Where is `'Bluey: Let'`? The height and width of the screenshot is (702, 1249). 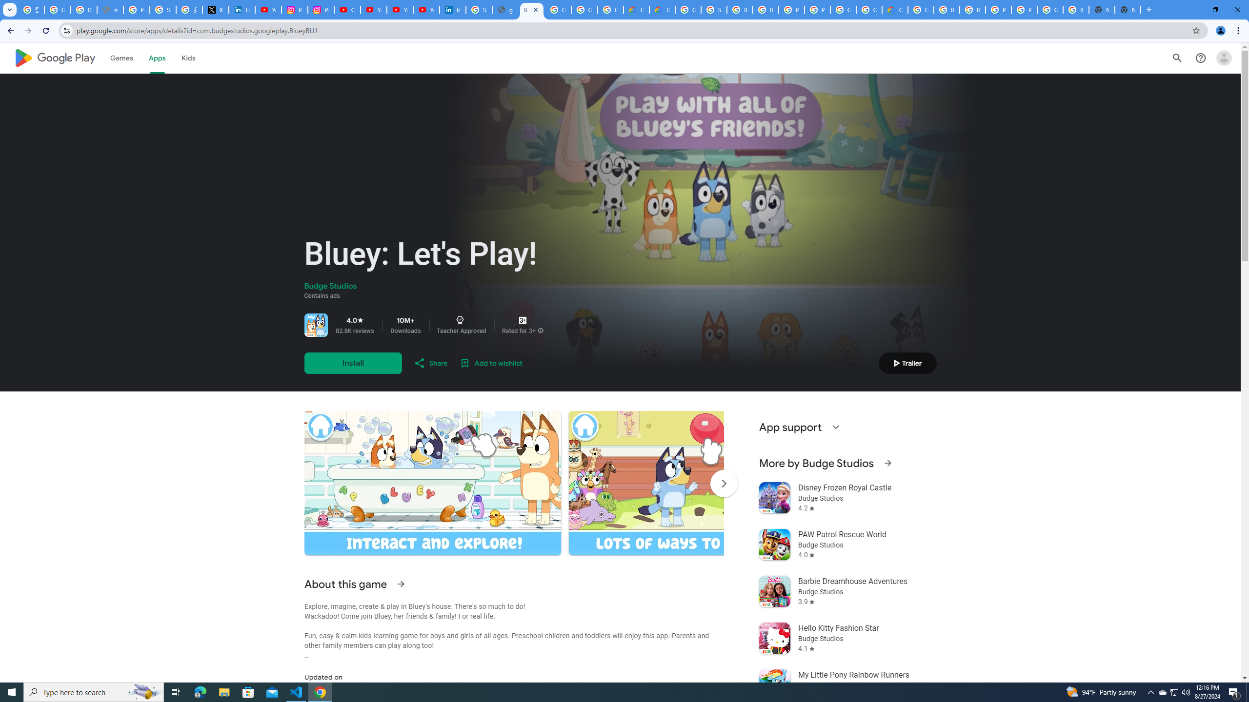 'Bluey: Let' is located at coordinates (531, 9).